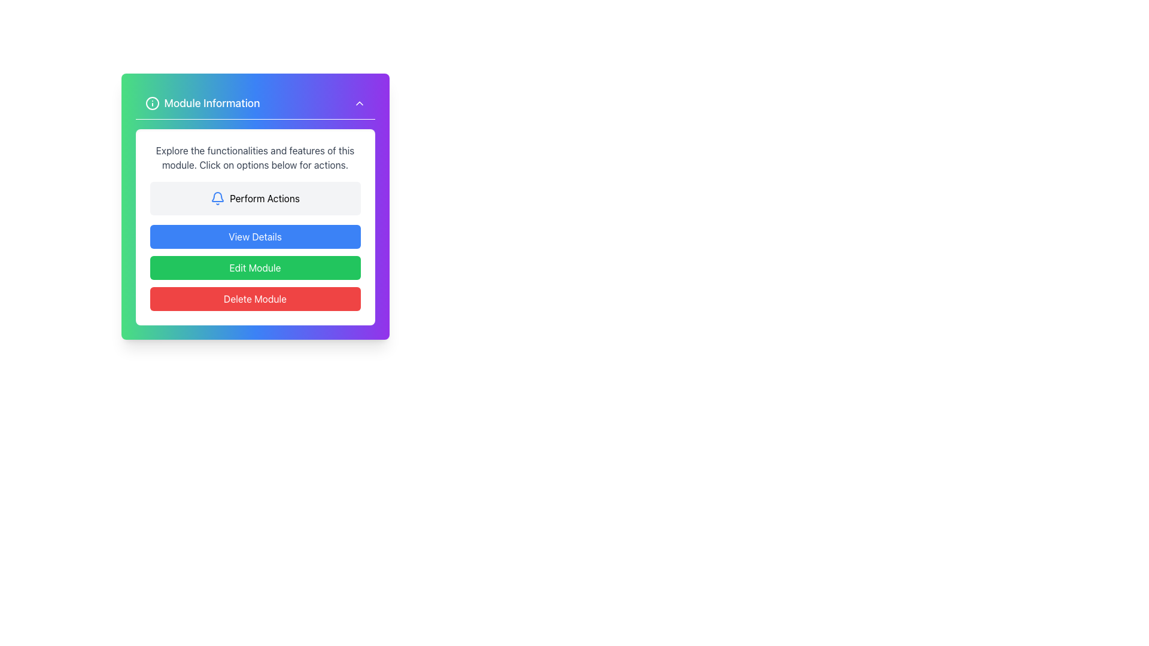  Describe the element at coordinates (212, 103) in the screenshot. I see `the header text-label that summarizes the module's purpose, located to the right of an information icon near the top of the module` at that location.